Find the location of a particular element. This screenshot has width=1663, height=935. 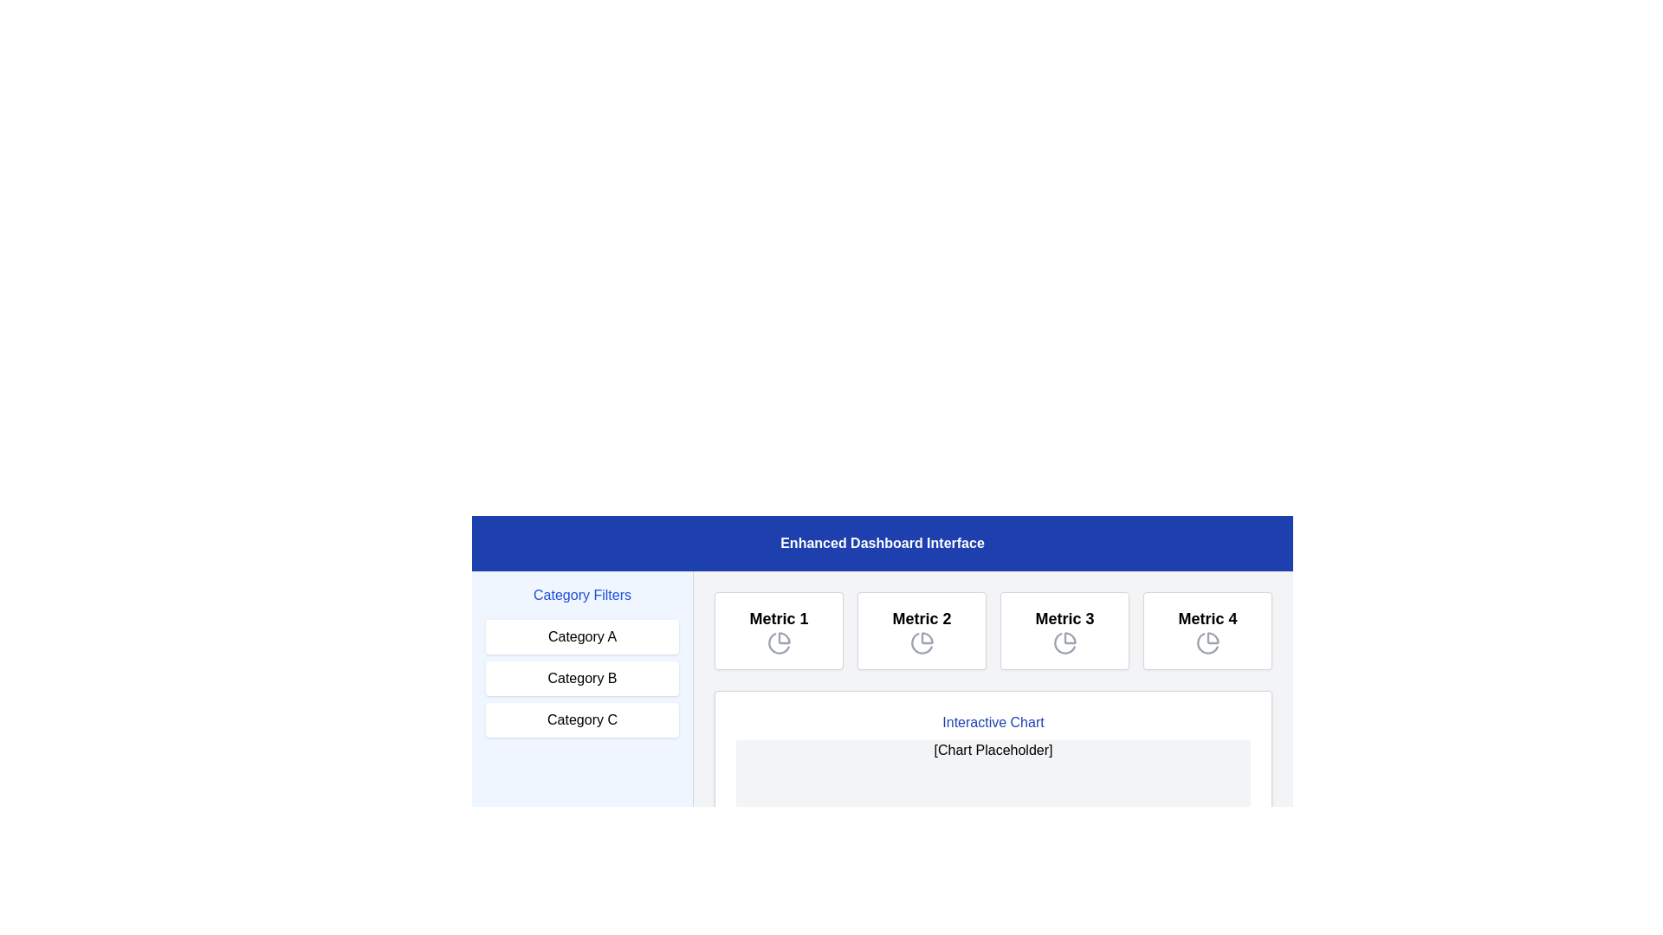

the 'Category B' button located in the 'Category Filters' section of the left panel is located at coordinates (582, 677).